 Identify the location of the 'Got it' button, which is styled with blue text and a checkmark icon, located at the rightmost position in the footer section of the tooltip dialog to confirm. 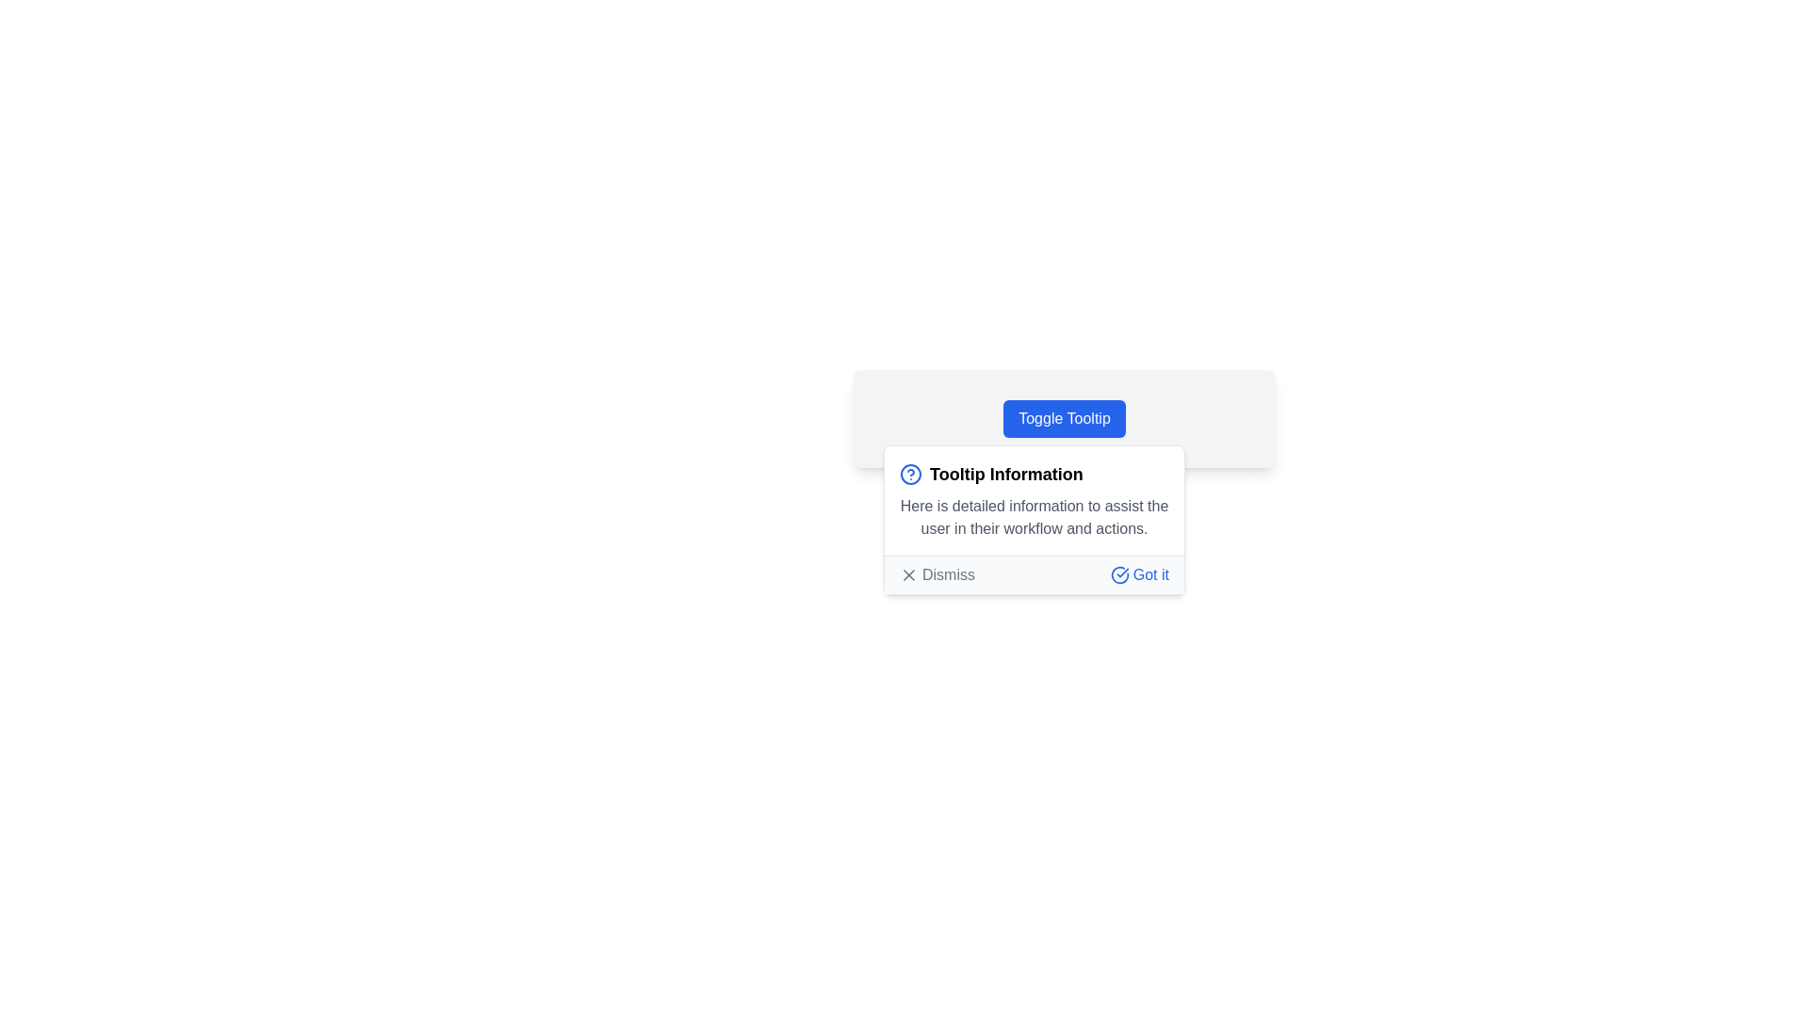
(1138, 573).